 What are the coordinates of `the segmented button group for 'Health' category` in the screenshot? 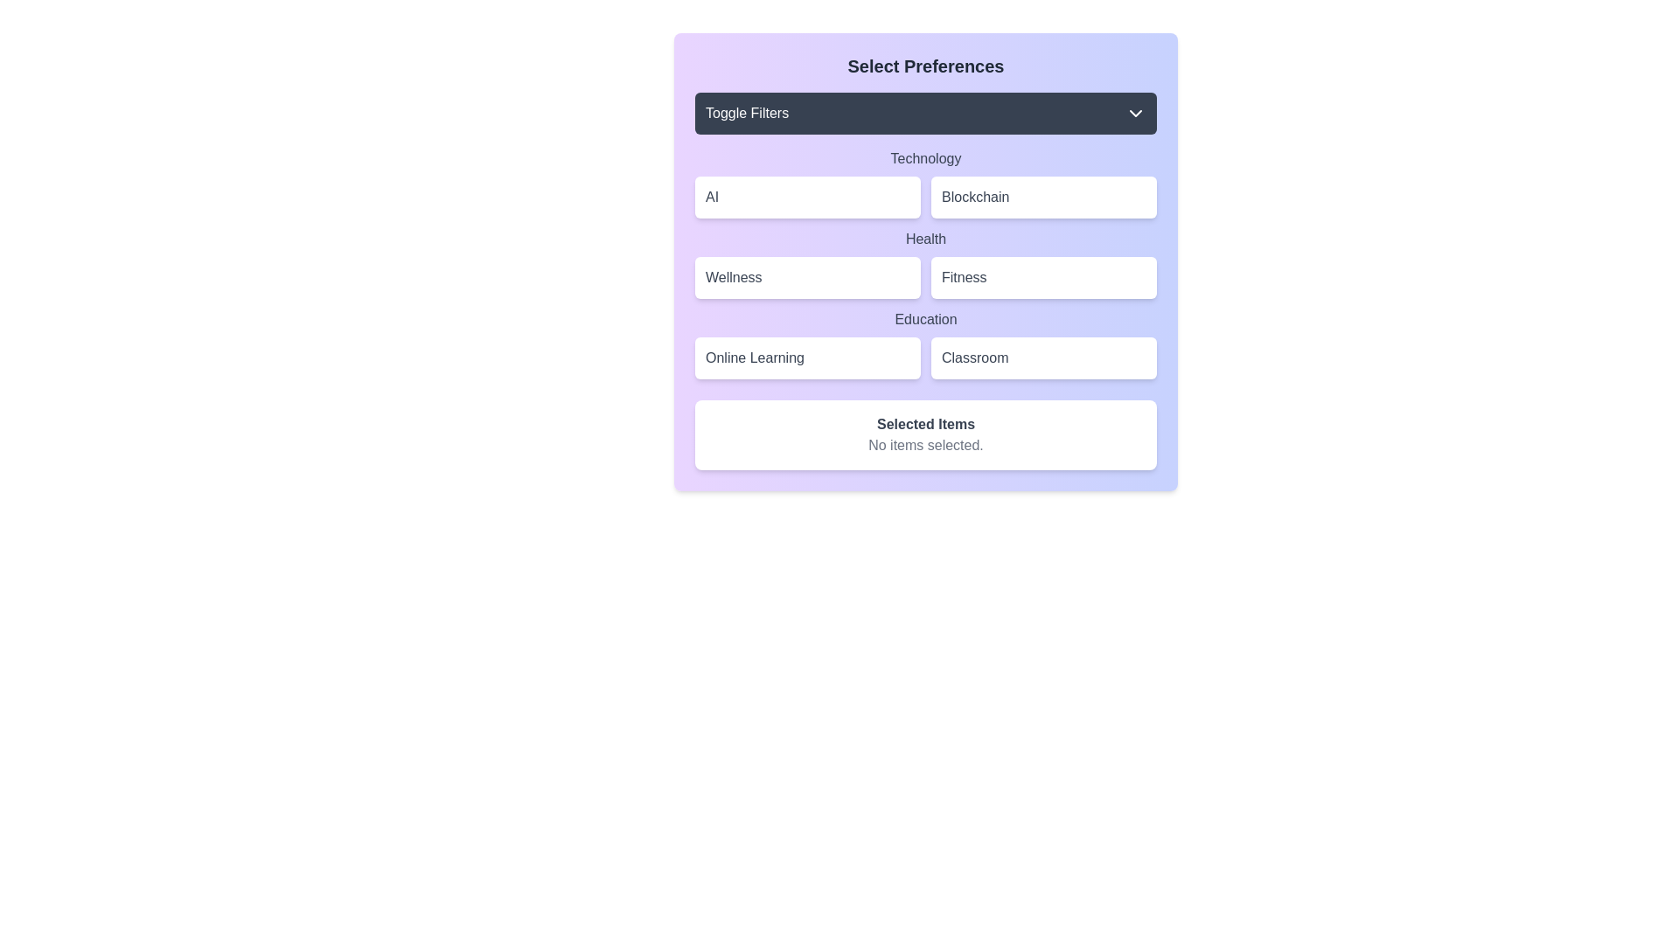 It's located at (925, 276).